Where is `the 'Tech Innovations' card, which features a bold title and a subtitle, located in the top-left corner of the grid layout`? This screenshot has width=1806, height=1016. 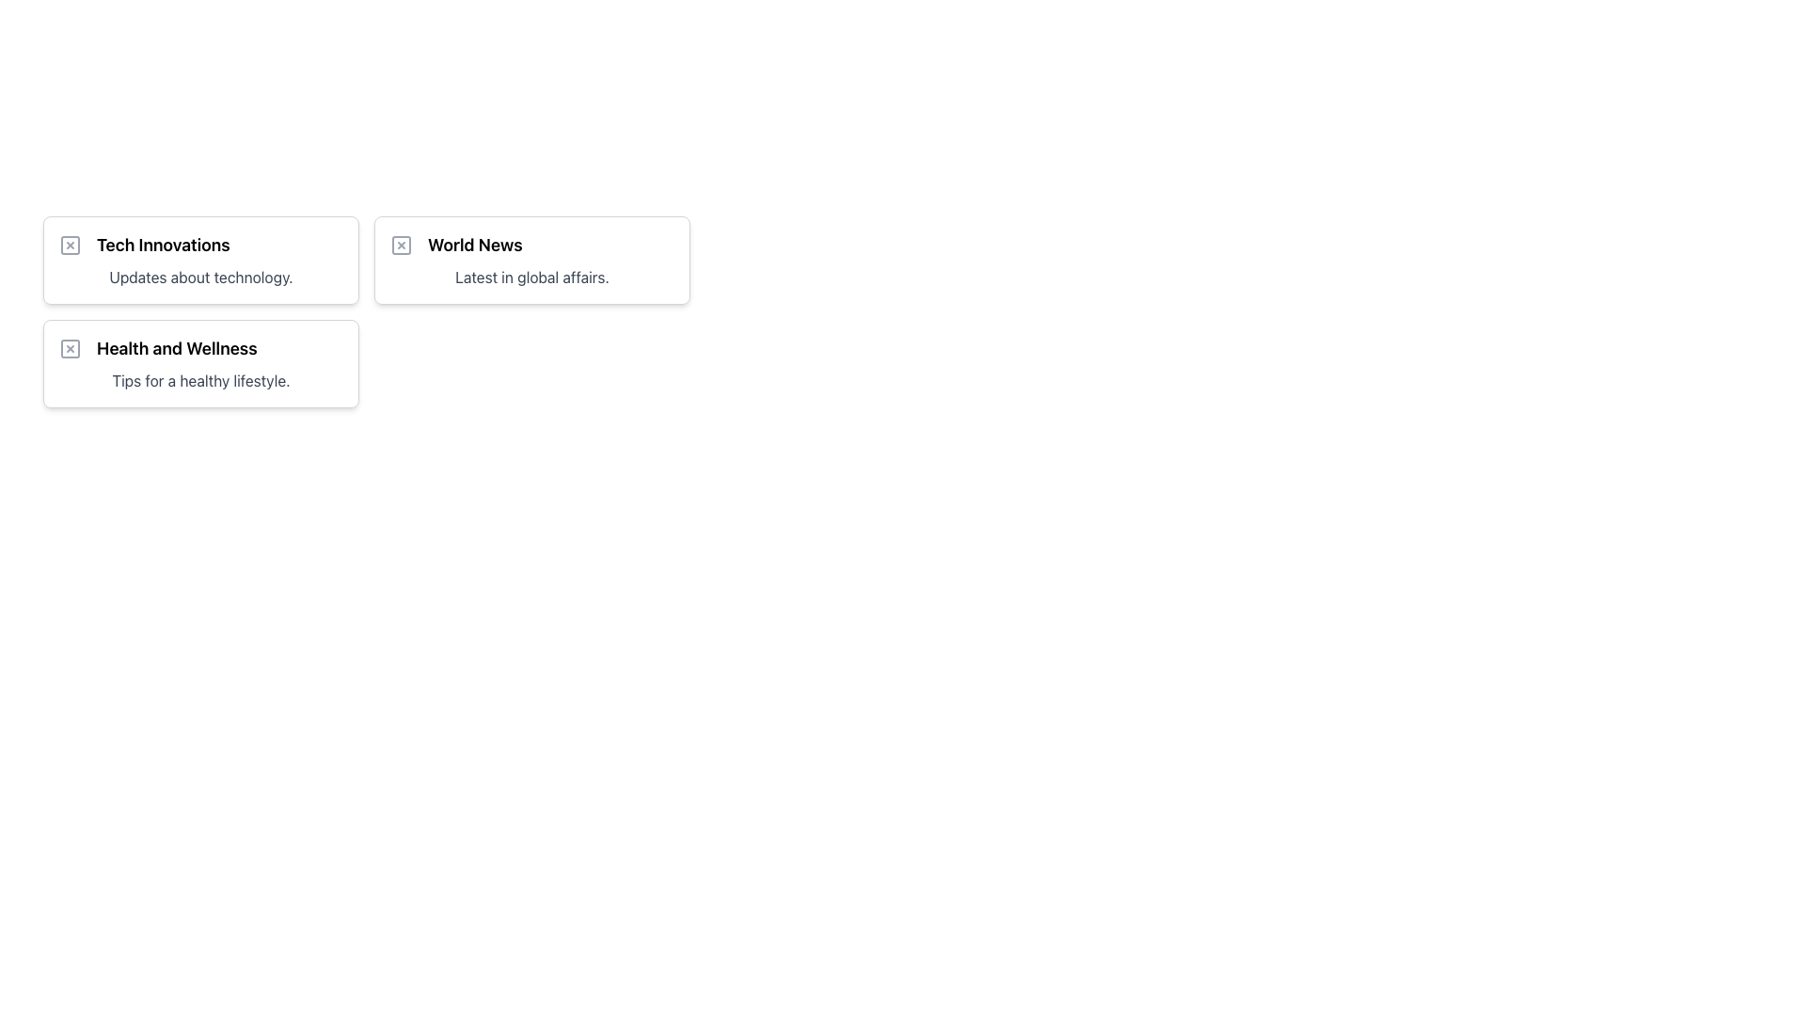 the 'Tech Innovations' card, which features a bold title and a subtitle, located in the top-left corner of the grid layout is located at coordinates (201, 261).